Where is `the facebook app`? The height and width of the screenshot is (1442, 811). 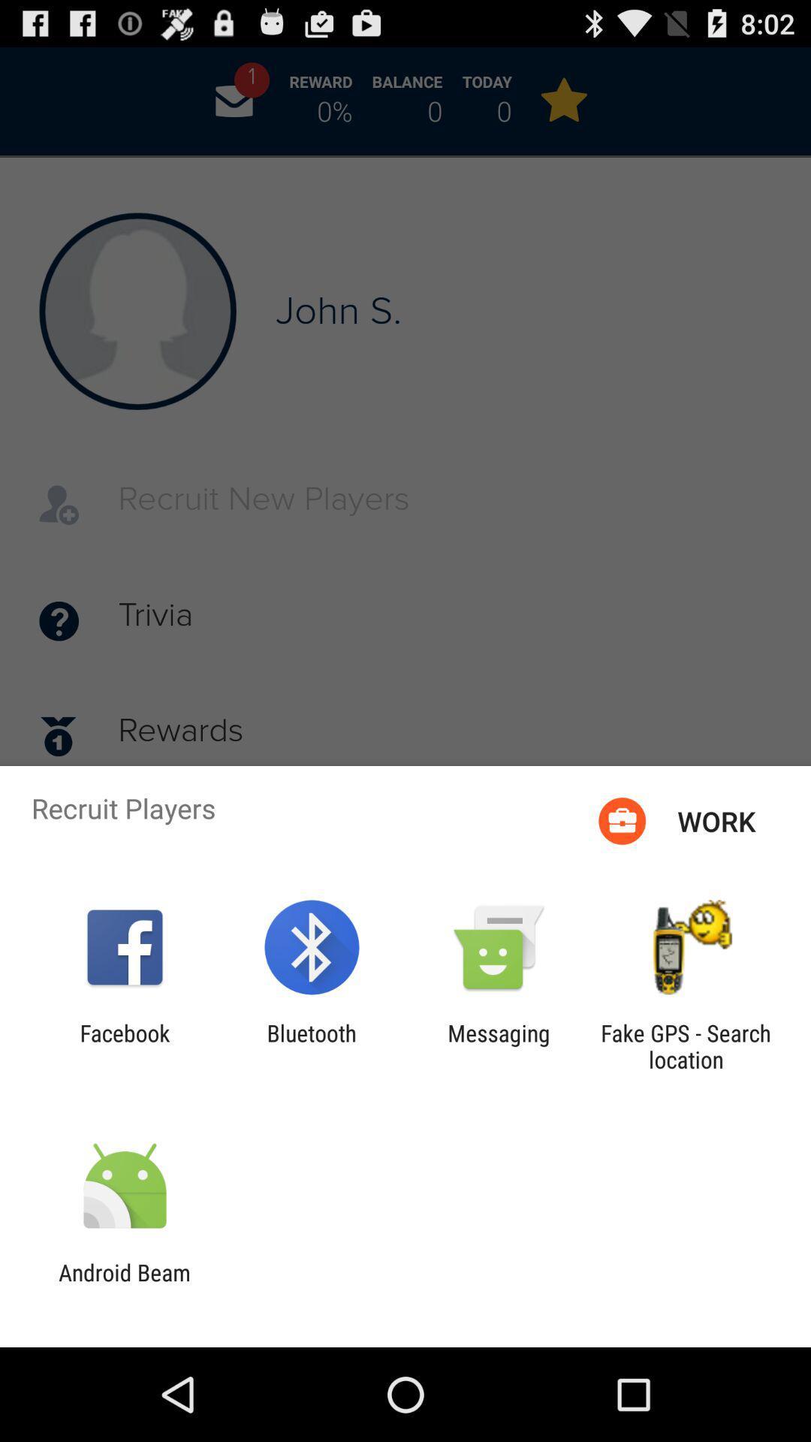 the facebook app is located at coordinates (124, 1045).